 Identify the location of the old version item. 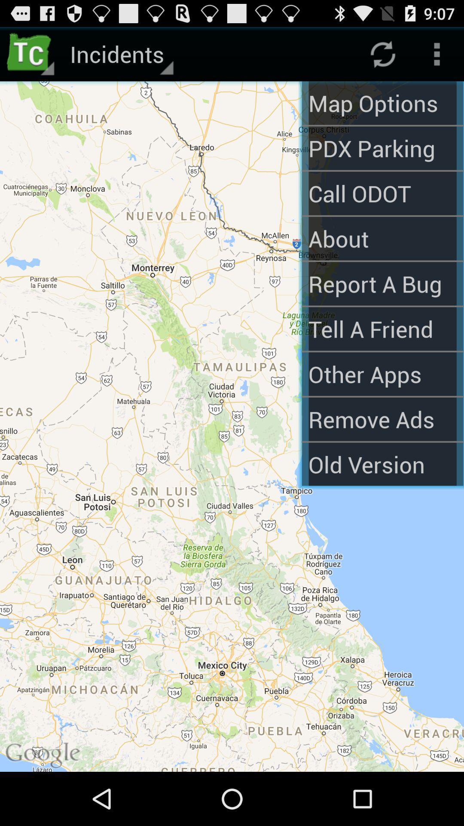
(382, 464).